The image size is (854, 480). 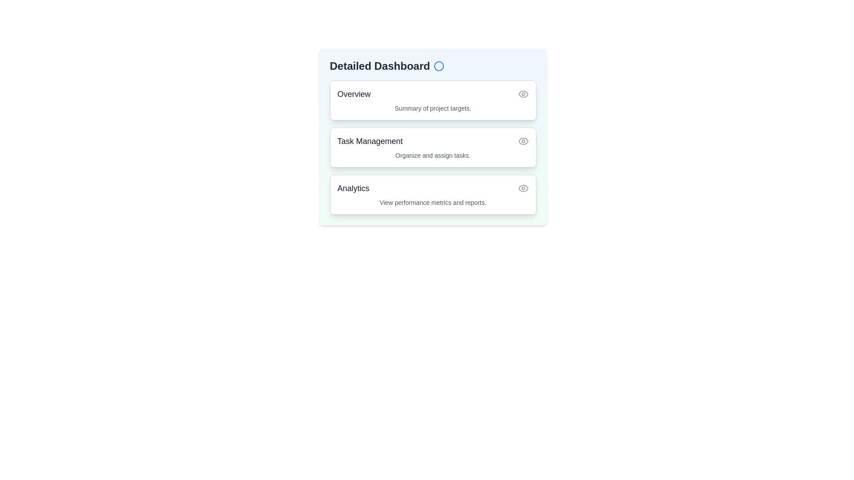 I want to click on the eye icon corresponding to Task Management to toggle its details, so click(x=523, y=140).